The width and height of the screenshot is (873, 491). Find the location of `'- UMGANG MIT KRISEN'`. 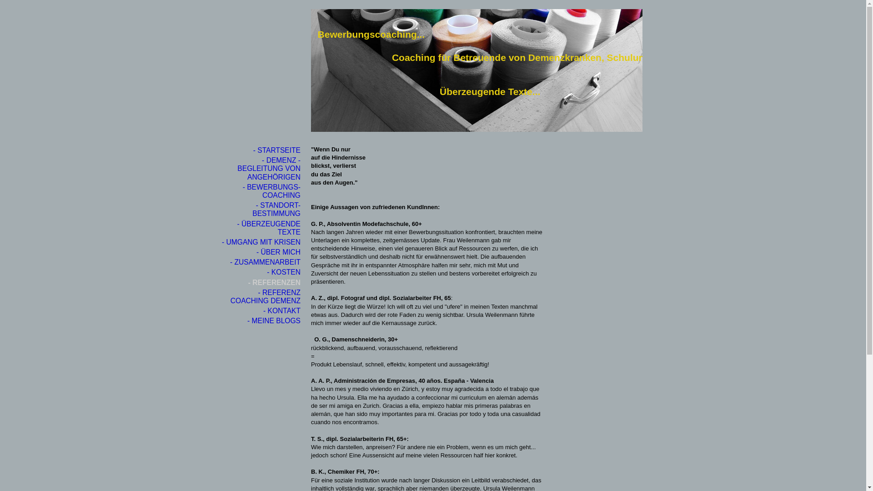

'- UMGANG MIT KRISEN' is located at coordinates (221, 241).